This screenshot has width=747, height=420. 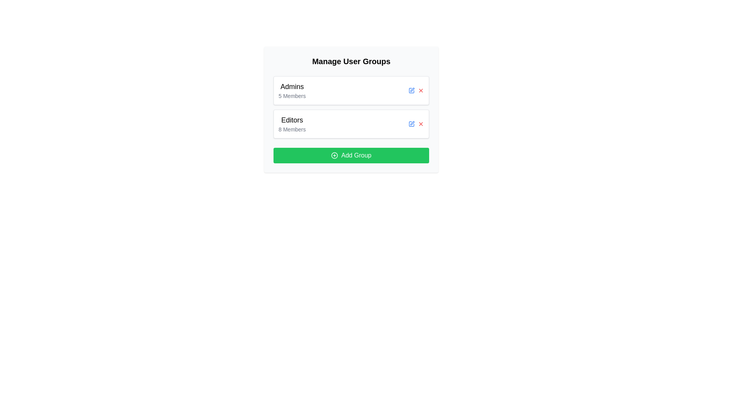 What do you see at coordinates (292, 129) in the screenshot?
I see `the static text label displaying '8 Members', which is located directly below the 'Editors' header in the user groups section` at bounding box center [292, 129].